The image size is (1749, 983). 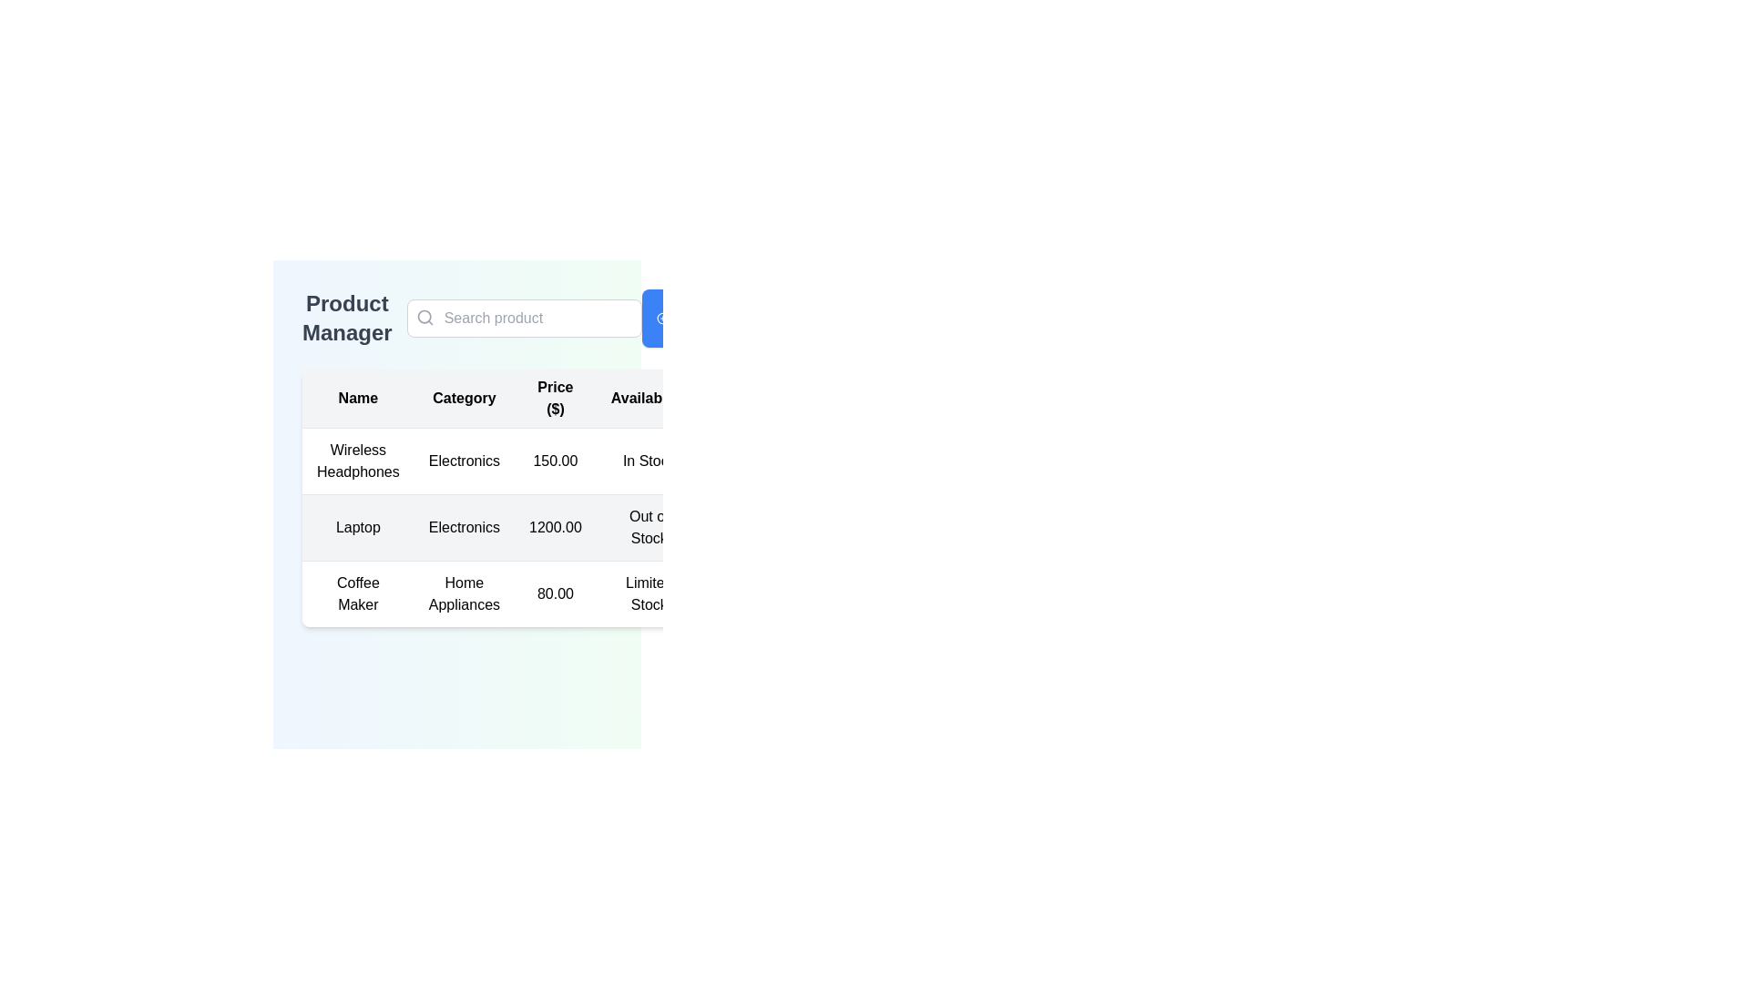 I want to click on the 'Product Manager' text label, which is displayed in bold and large font, located at the top-left corner of the interface, so click(x=347, y=318).